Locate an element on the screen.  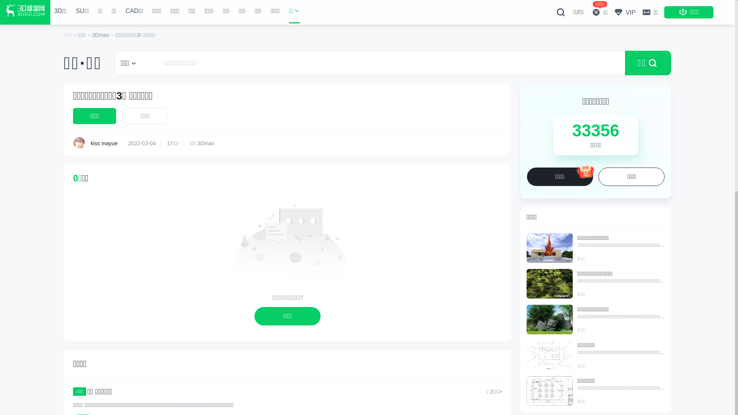
'3Dmax' is located at coordinates (92, 35).